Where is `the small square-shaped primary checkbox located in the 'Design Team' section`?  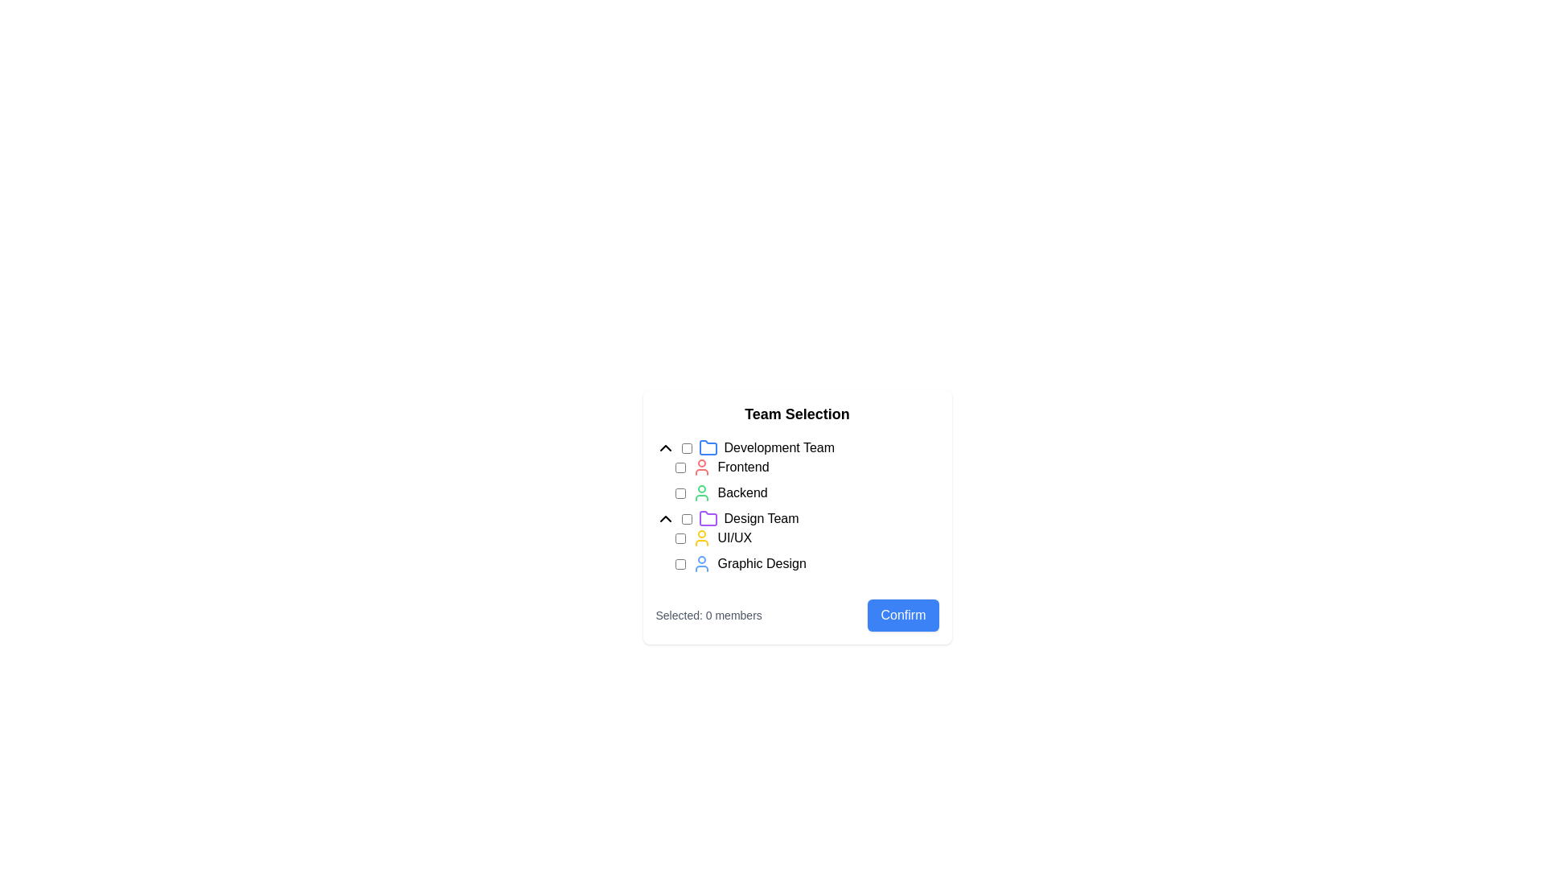
the small square-shaped primary checkbox located in the 'Design Team' section is located at coordinates (687, 518).